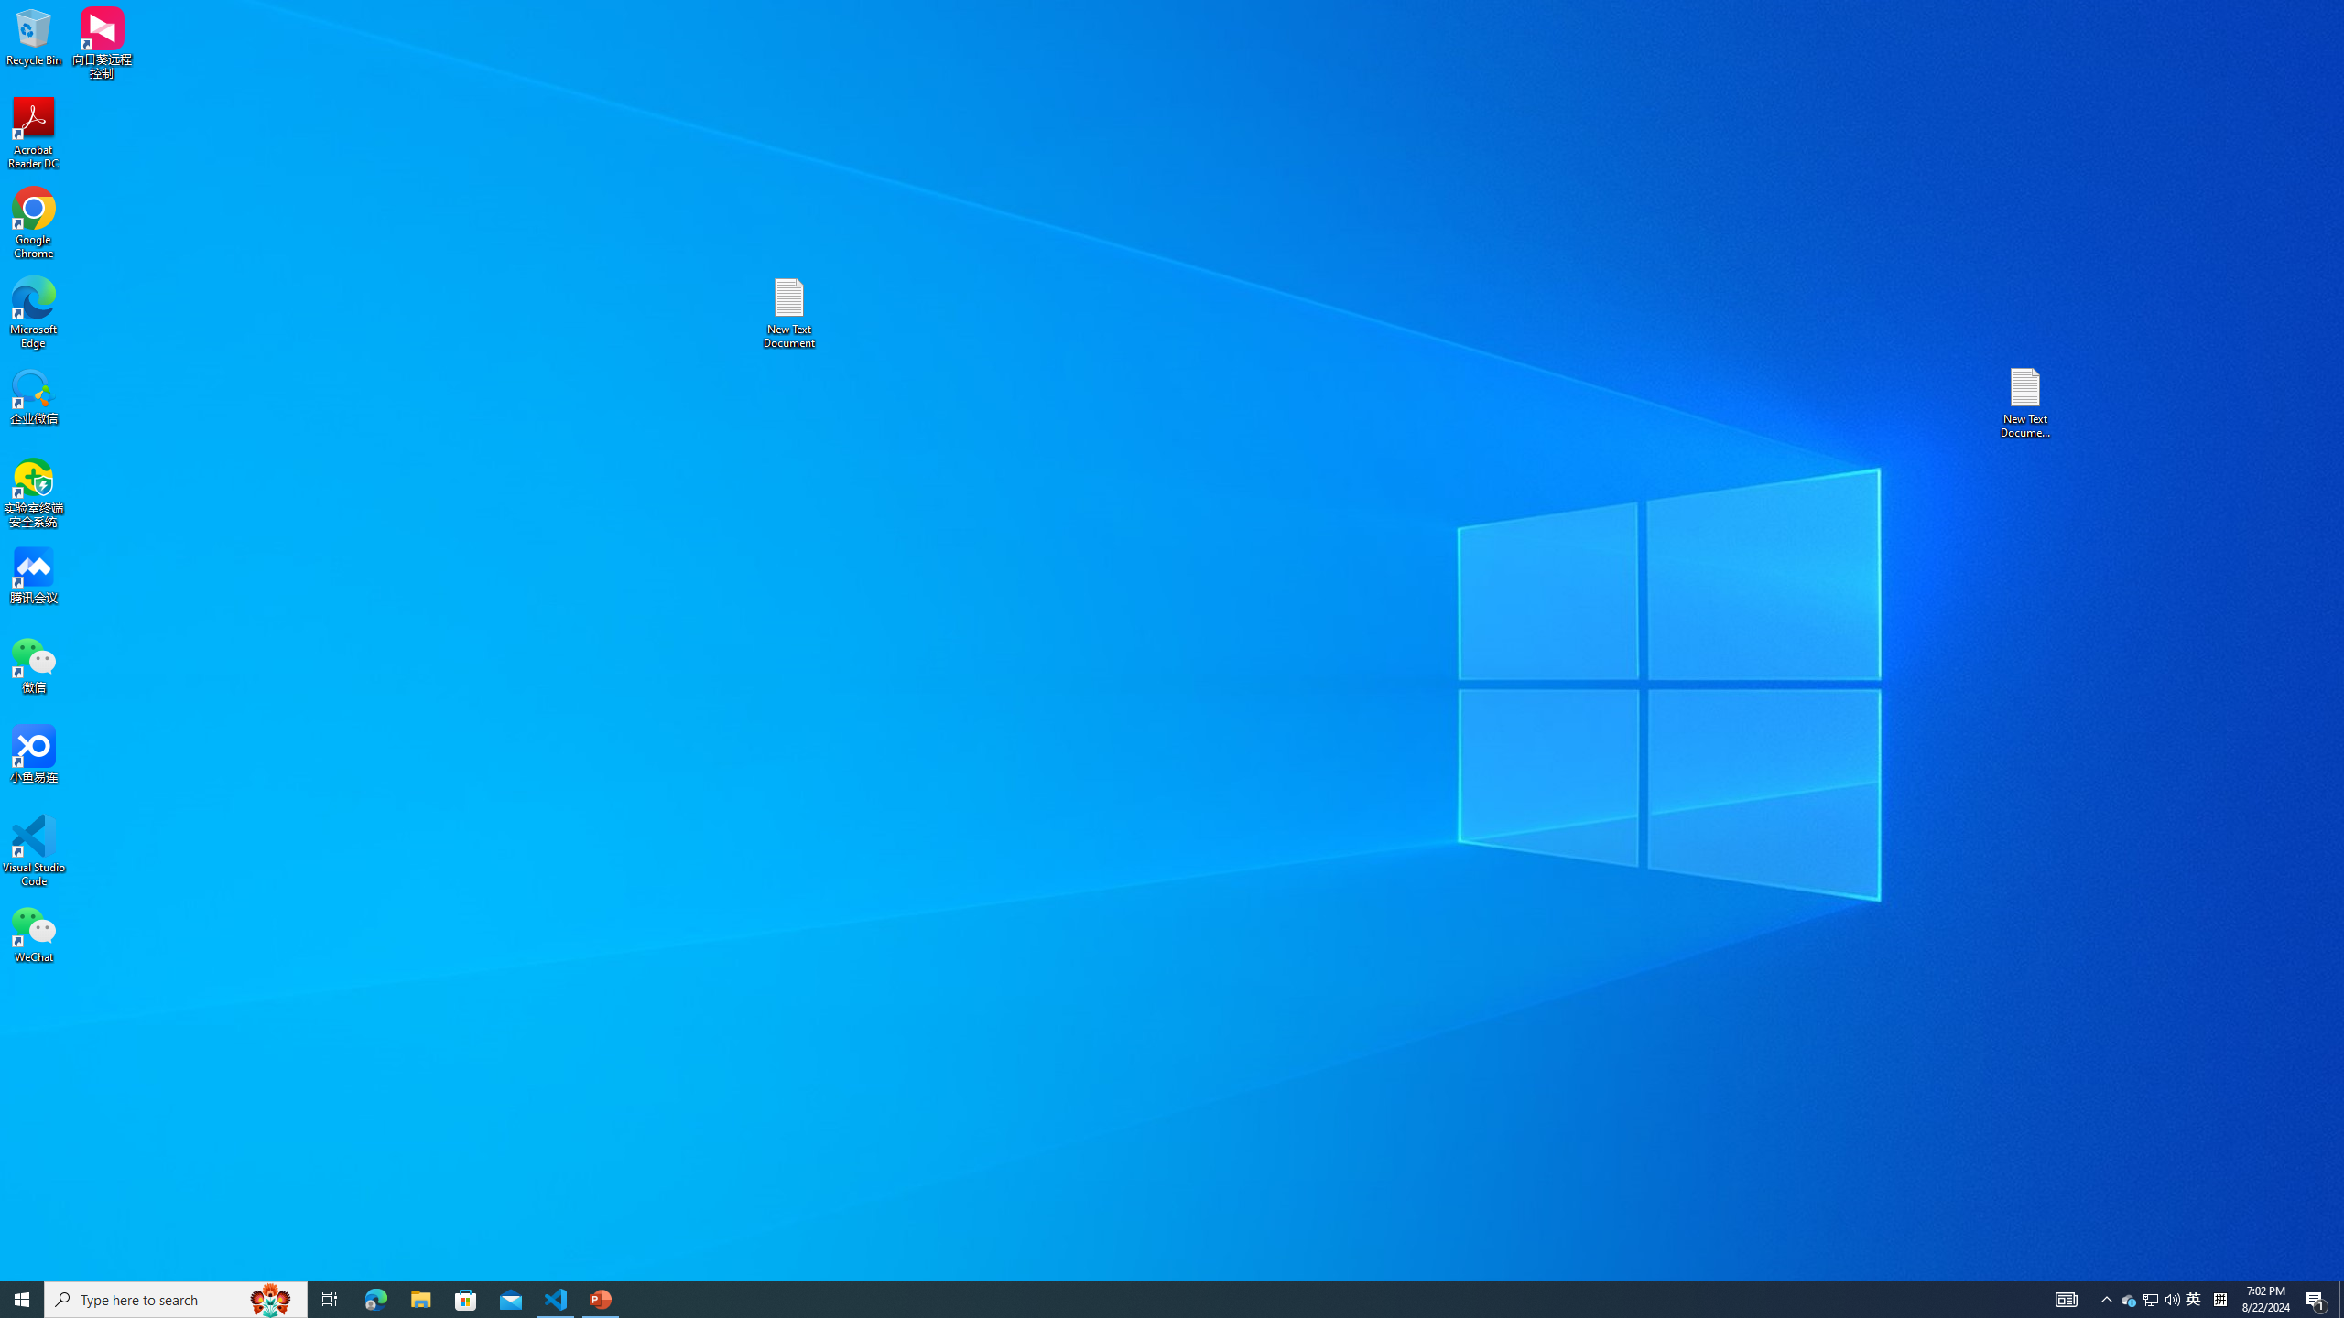  What do you see at coordinates (33, 312) in the screenshot?
I see `'Microsoft Edge'` at bounding box center [33, 312].